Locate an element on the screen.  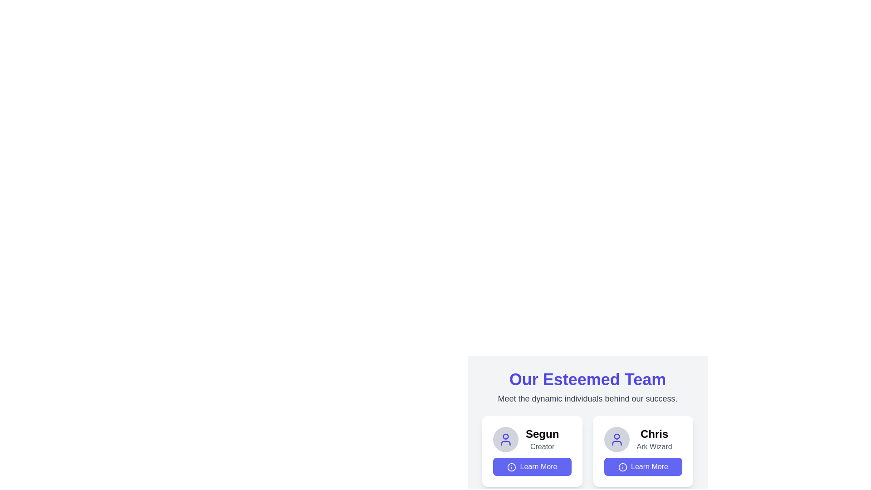
the 'ChrisArk Wizard' text label and icon, which features a prominent bold 'Chris' and a smaller 'Ark Wizard' beneath it, located above the 'Learn More' button in the team section is located at coordinates (642, 439).